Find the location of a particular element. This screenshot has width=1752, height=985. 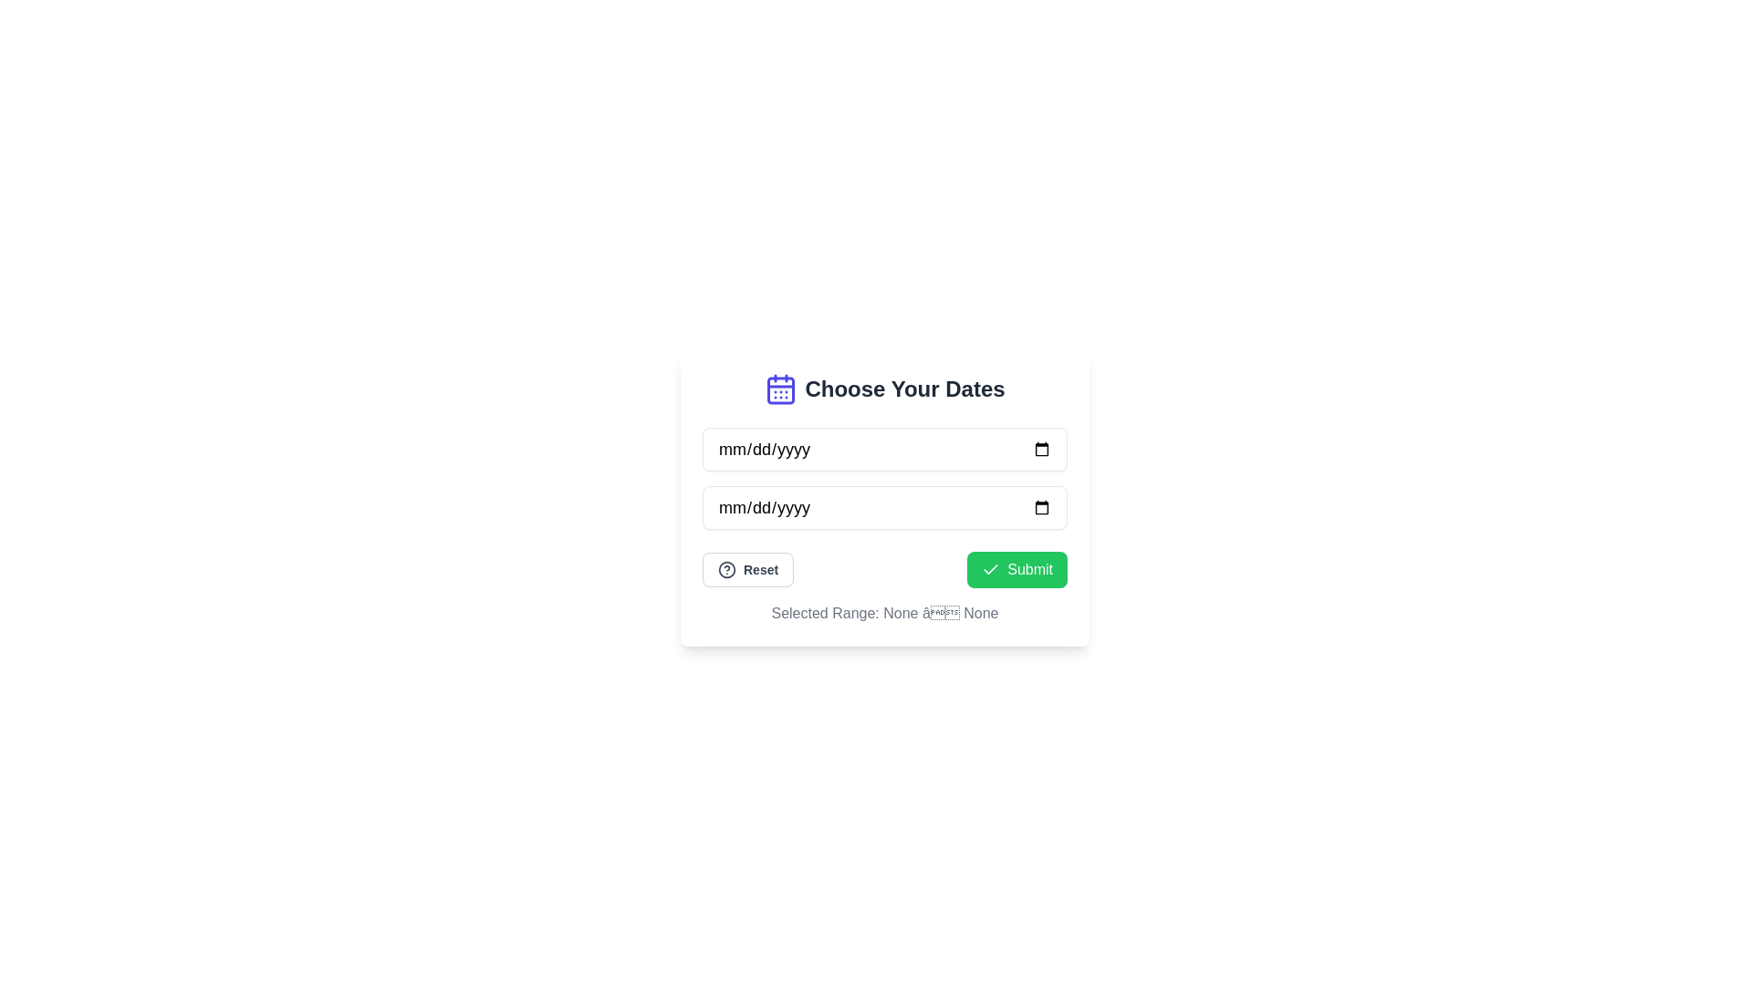

the Submit button located at the bottom right of the card interface, which contains a visual confirmation icon is located at coordinates (990, 568).